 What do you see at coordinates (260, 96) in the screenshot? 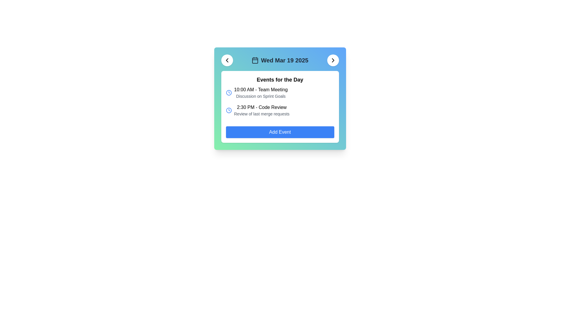
I see `the static text label that provides detailed information about the event or meeting, located directly beneath the heading '10:00 AM - Team Meeting'` at bounding box center [260, 96].